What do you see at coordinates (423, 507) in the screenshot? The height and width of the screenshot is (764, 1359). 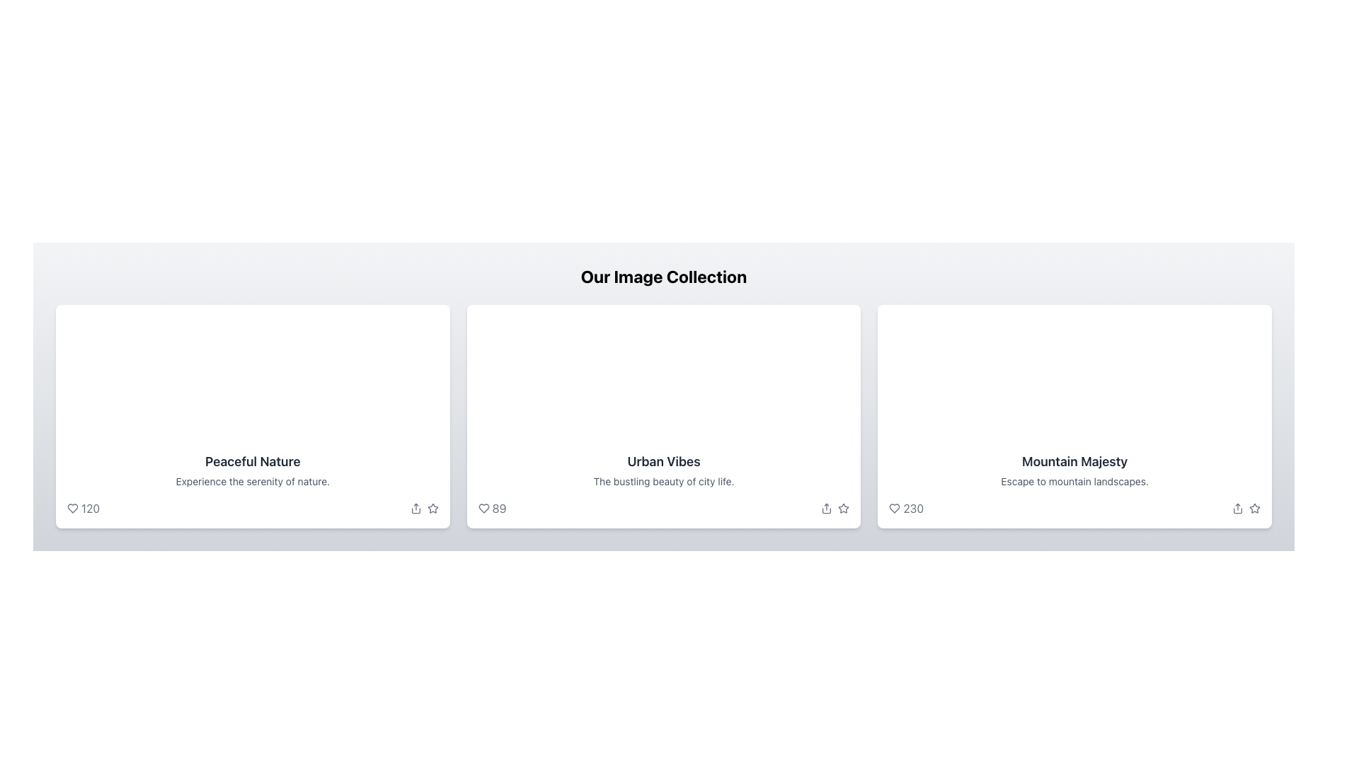 I see `the share icon, which is the first icon resembling an upward arrow, located at the bottom-right corner of the 'Peaceful Nature' card` at bounding box center [423, 507].